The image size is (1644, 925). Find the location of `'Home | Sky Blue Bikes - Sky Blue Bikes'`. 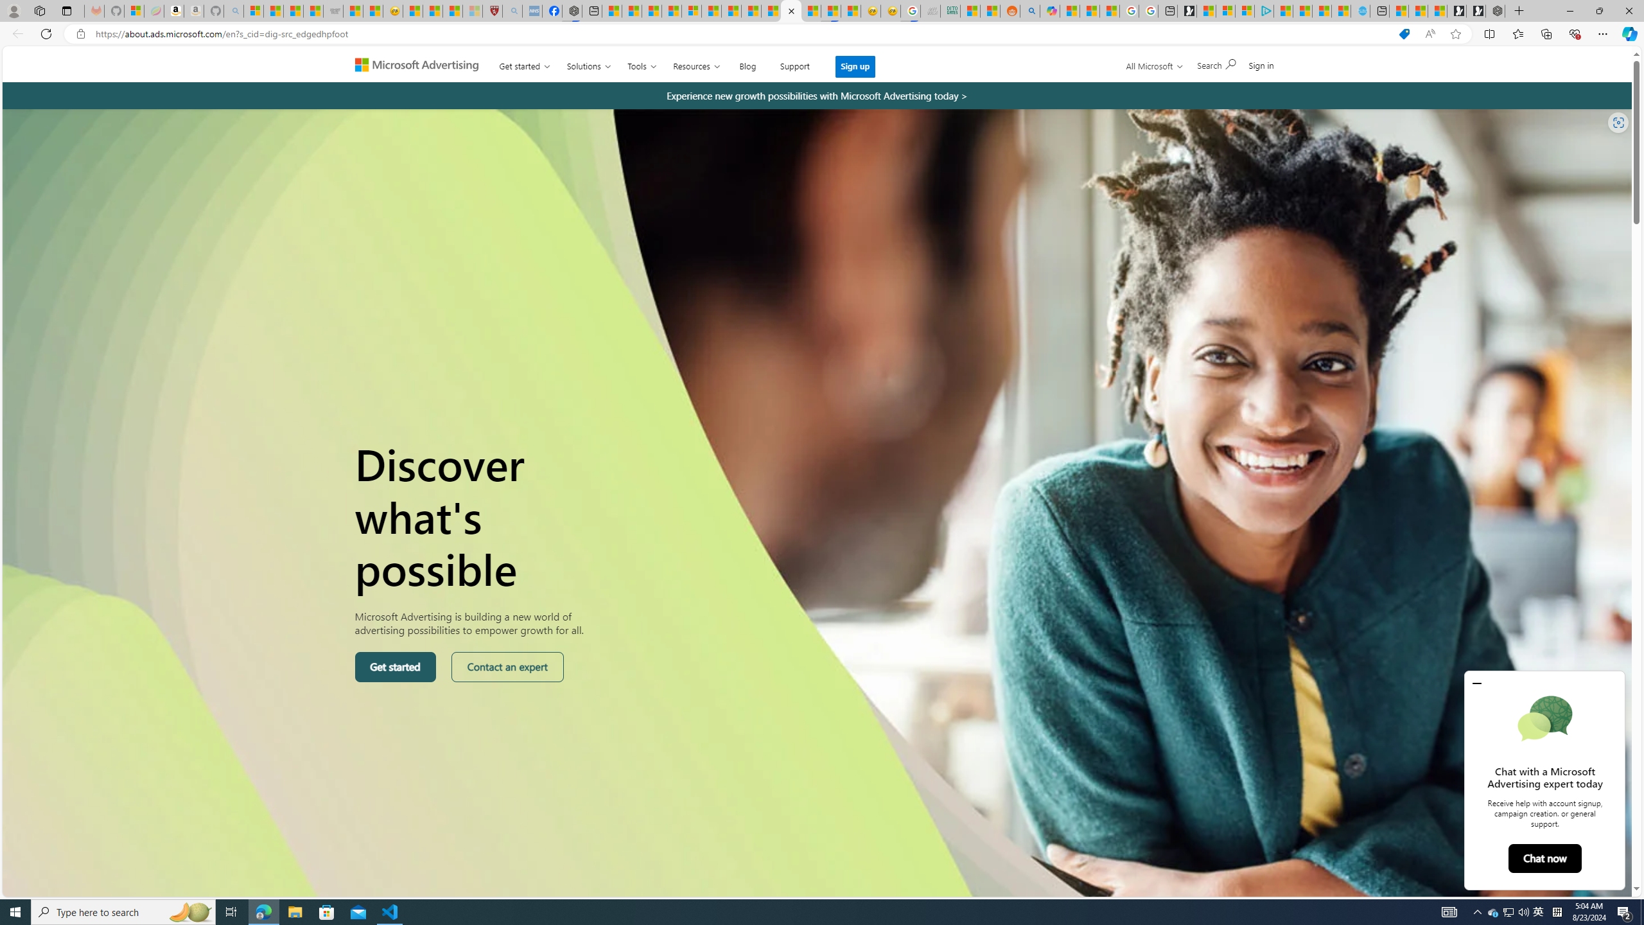

'Home | Sky Blue Bikes - Sky Blue Bikes' is located at coordinates (1360, 10).